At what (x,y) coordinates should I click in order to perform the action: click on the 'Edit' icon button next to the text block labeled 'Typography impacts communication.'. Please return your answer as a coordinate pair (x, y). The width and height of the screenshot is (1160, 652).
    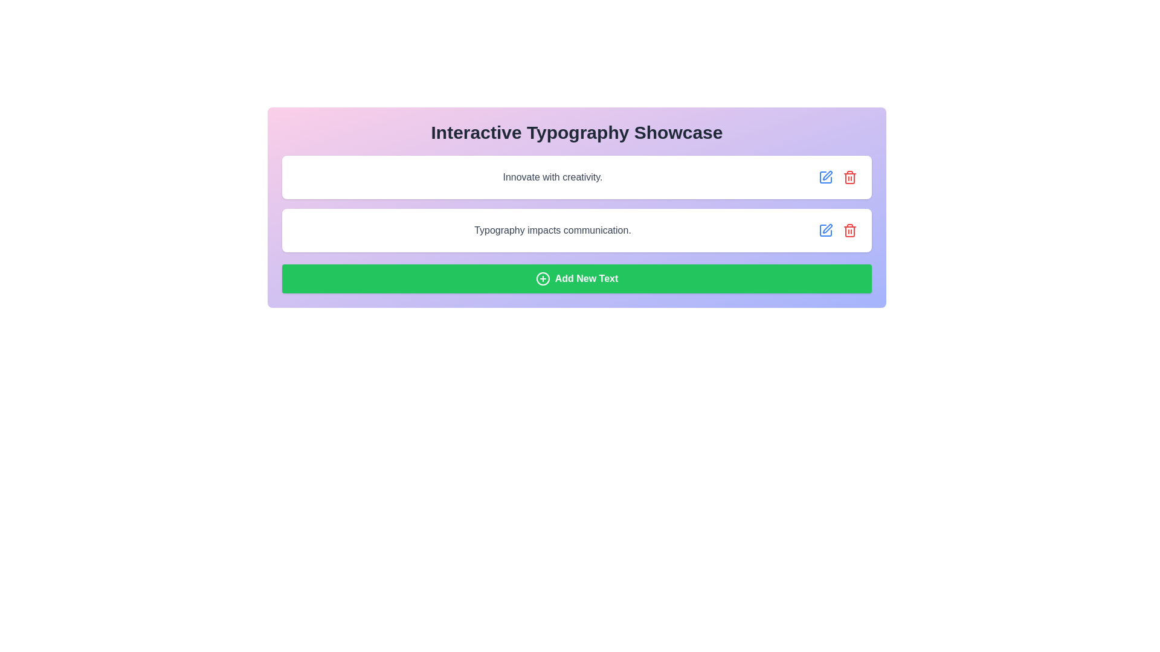
    Looking at the image, I should click on (826, 228).